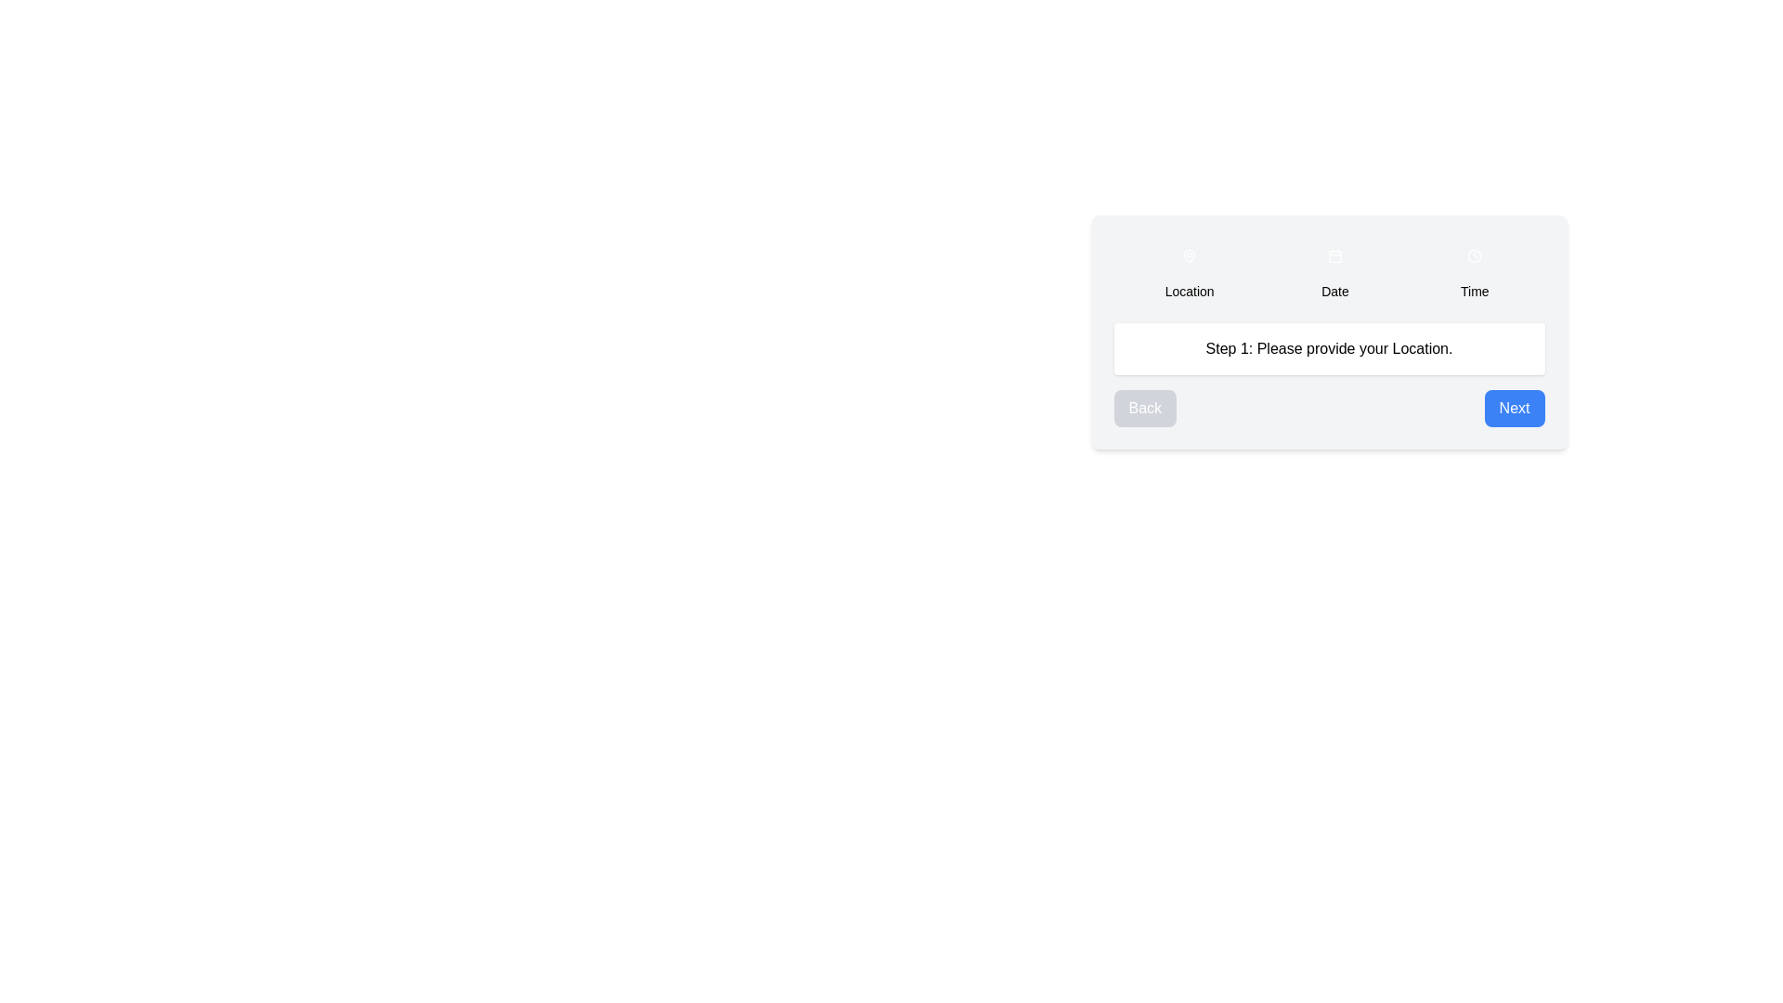 This screenshot has height=1003, width=1783. What do you see at coordinates (1515, 407) in the screenshot?
I see `the 'Next' button to proceed to the next step` at bounding box center [1515, 407].